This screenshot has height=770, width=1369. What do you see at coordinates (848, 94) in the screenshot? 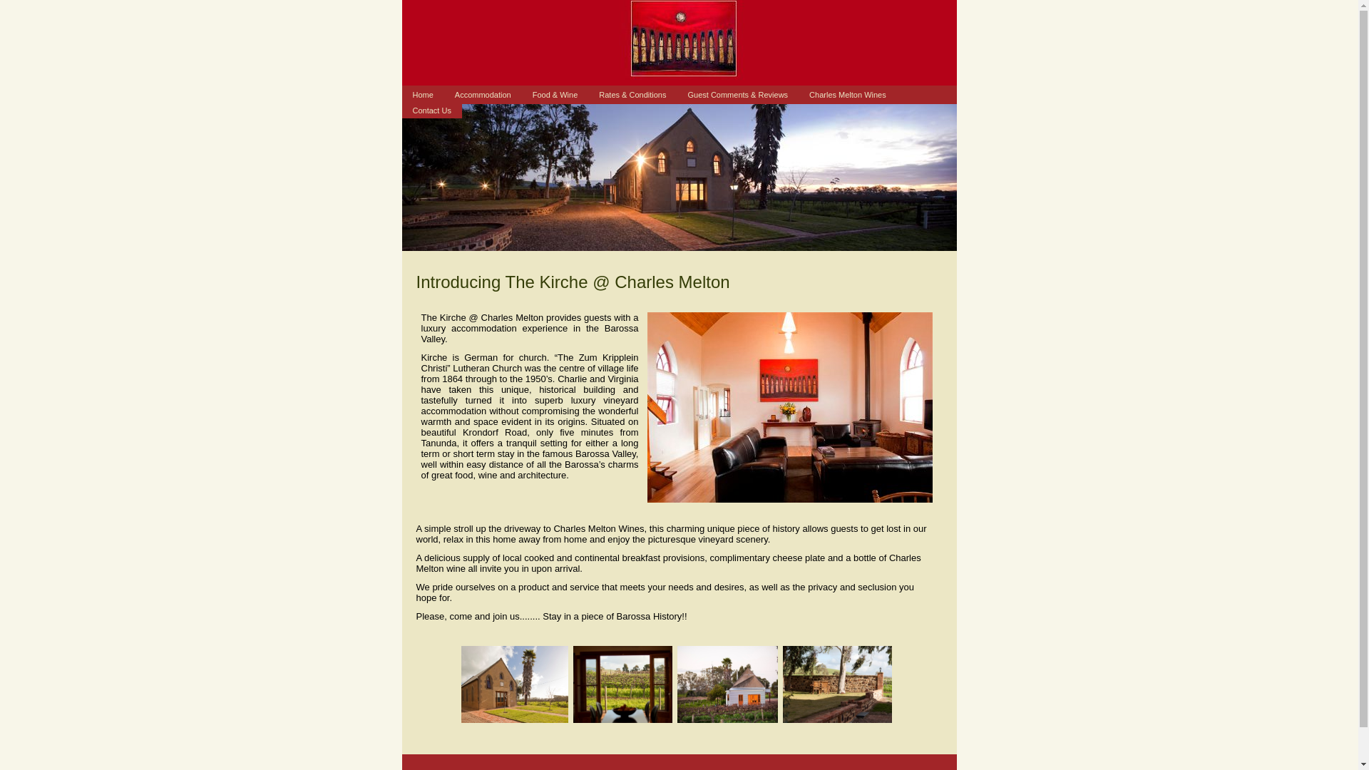
I see `'Charles Melton Wines'` at bounding box center [848, 94].